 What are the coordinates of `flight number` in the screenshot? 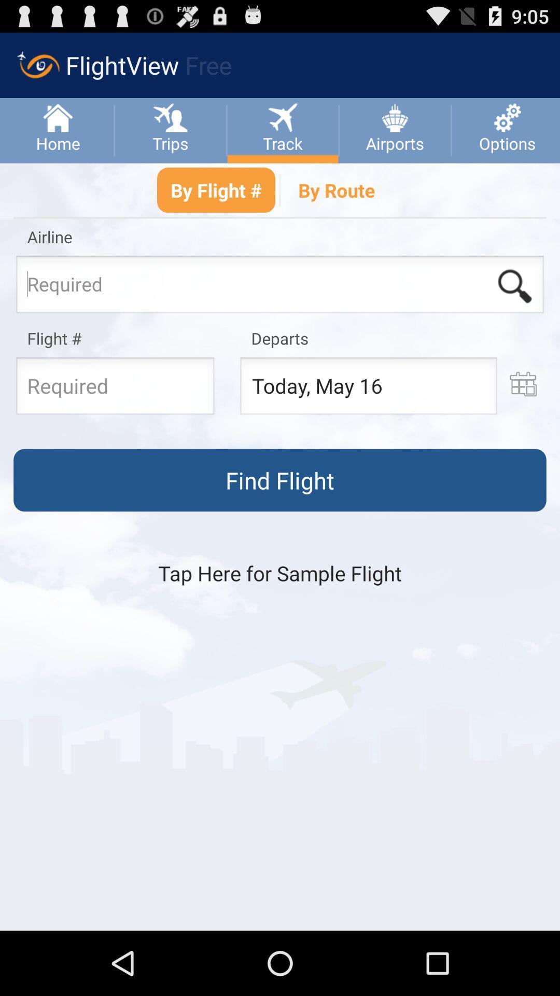 It's located at (115, 388).